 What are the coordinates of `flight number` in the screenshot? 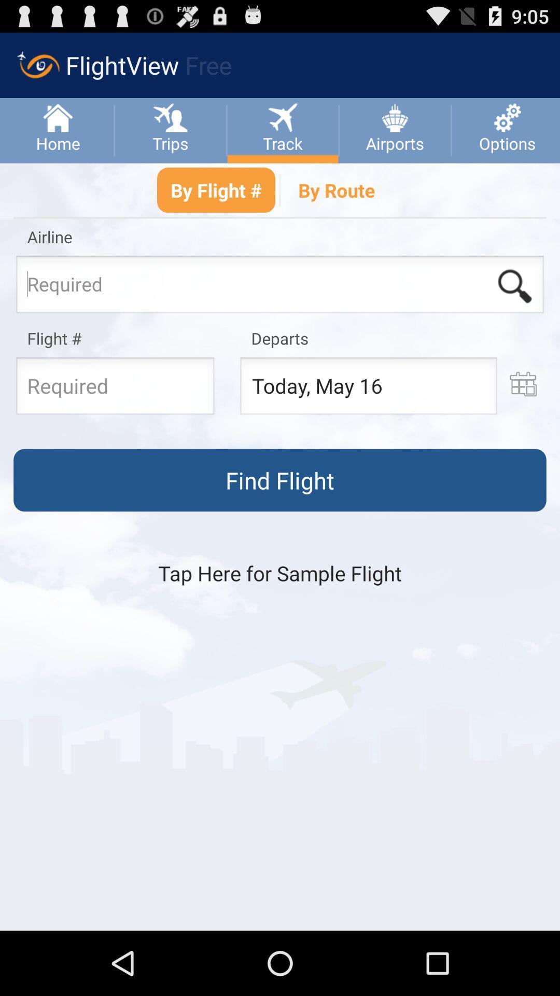 It's located at (115, 388).